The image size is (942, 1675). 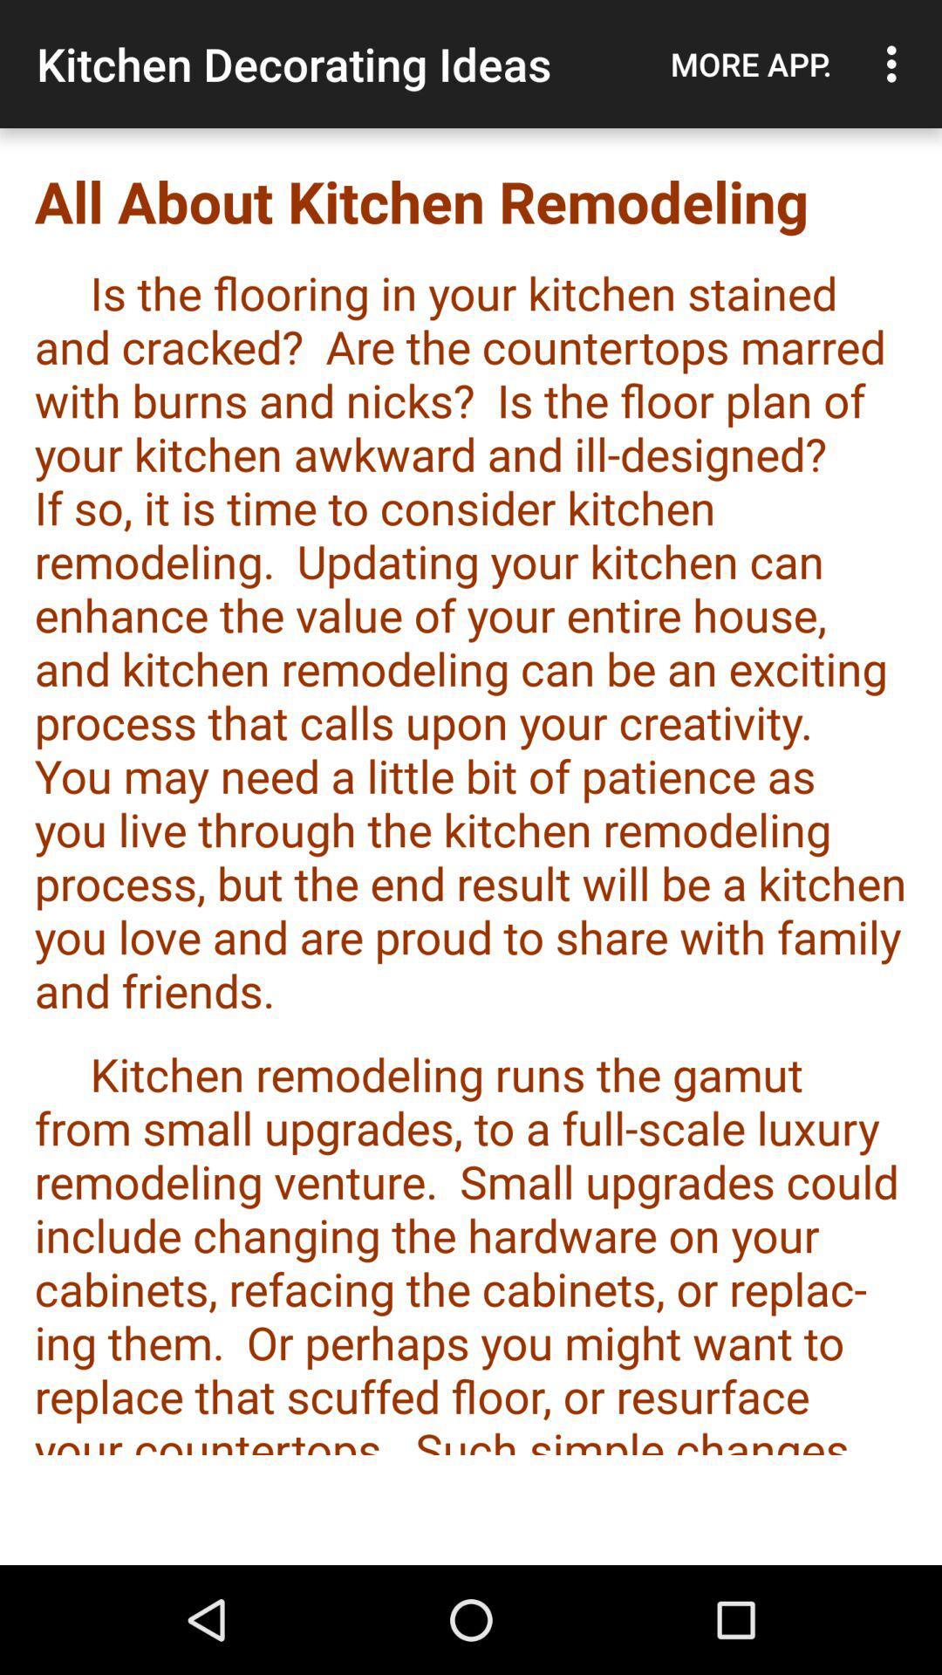 I want to click on icon to the right of the more app. icon, so click(x=896, y=64).